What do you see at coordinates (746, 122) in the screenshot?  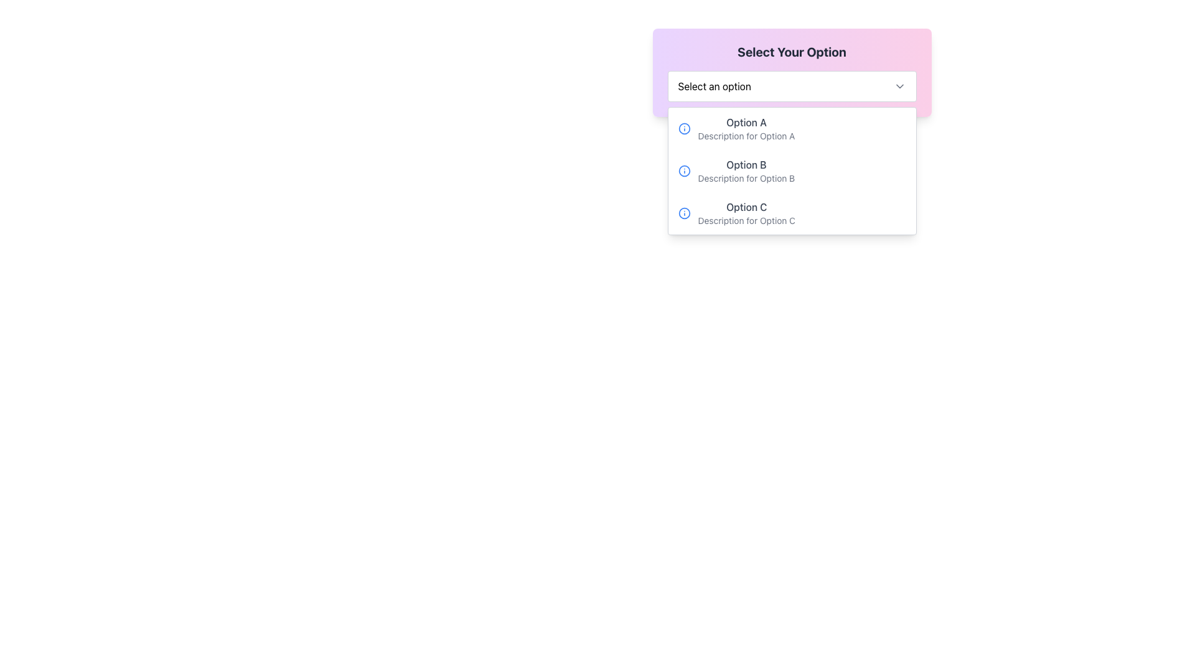 I see `the text label 'Option A' which is styled in medium font weight and dark gray color, positioned above 'Description for Option A' in the dropdown-like list` at bounding box center [746, 122].